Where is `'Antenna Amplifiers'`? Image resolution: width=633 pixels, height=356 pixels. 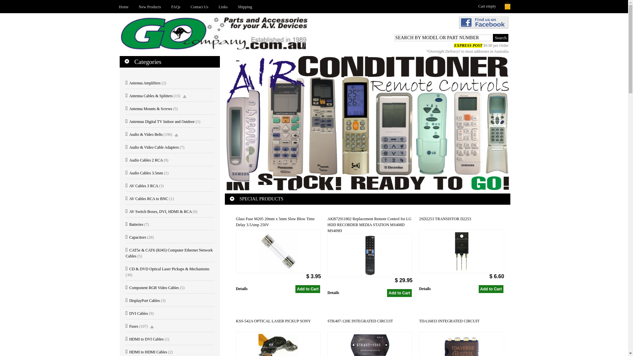
'Antenna Amplifiers' is located at coordinates (142, 82).